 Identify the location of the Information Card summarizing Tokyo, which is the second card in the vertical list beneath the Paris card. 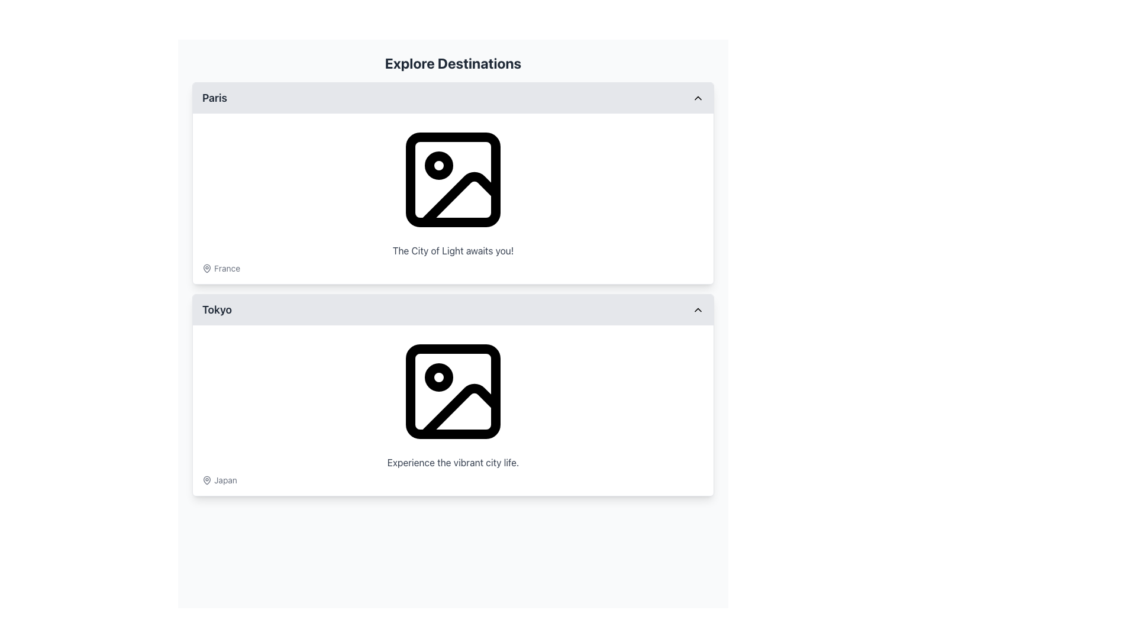
(453, 395).